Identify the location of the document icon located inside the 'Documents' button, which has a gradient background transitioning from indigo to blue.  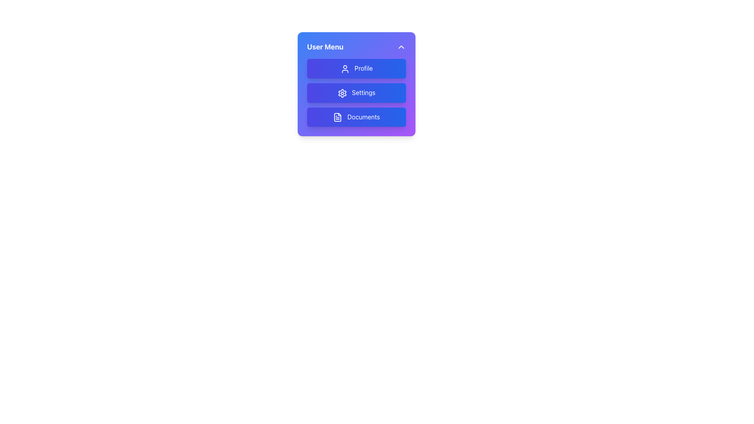
(338, 117).